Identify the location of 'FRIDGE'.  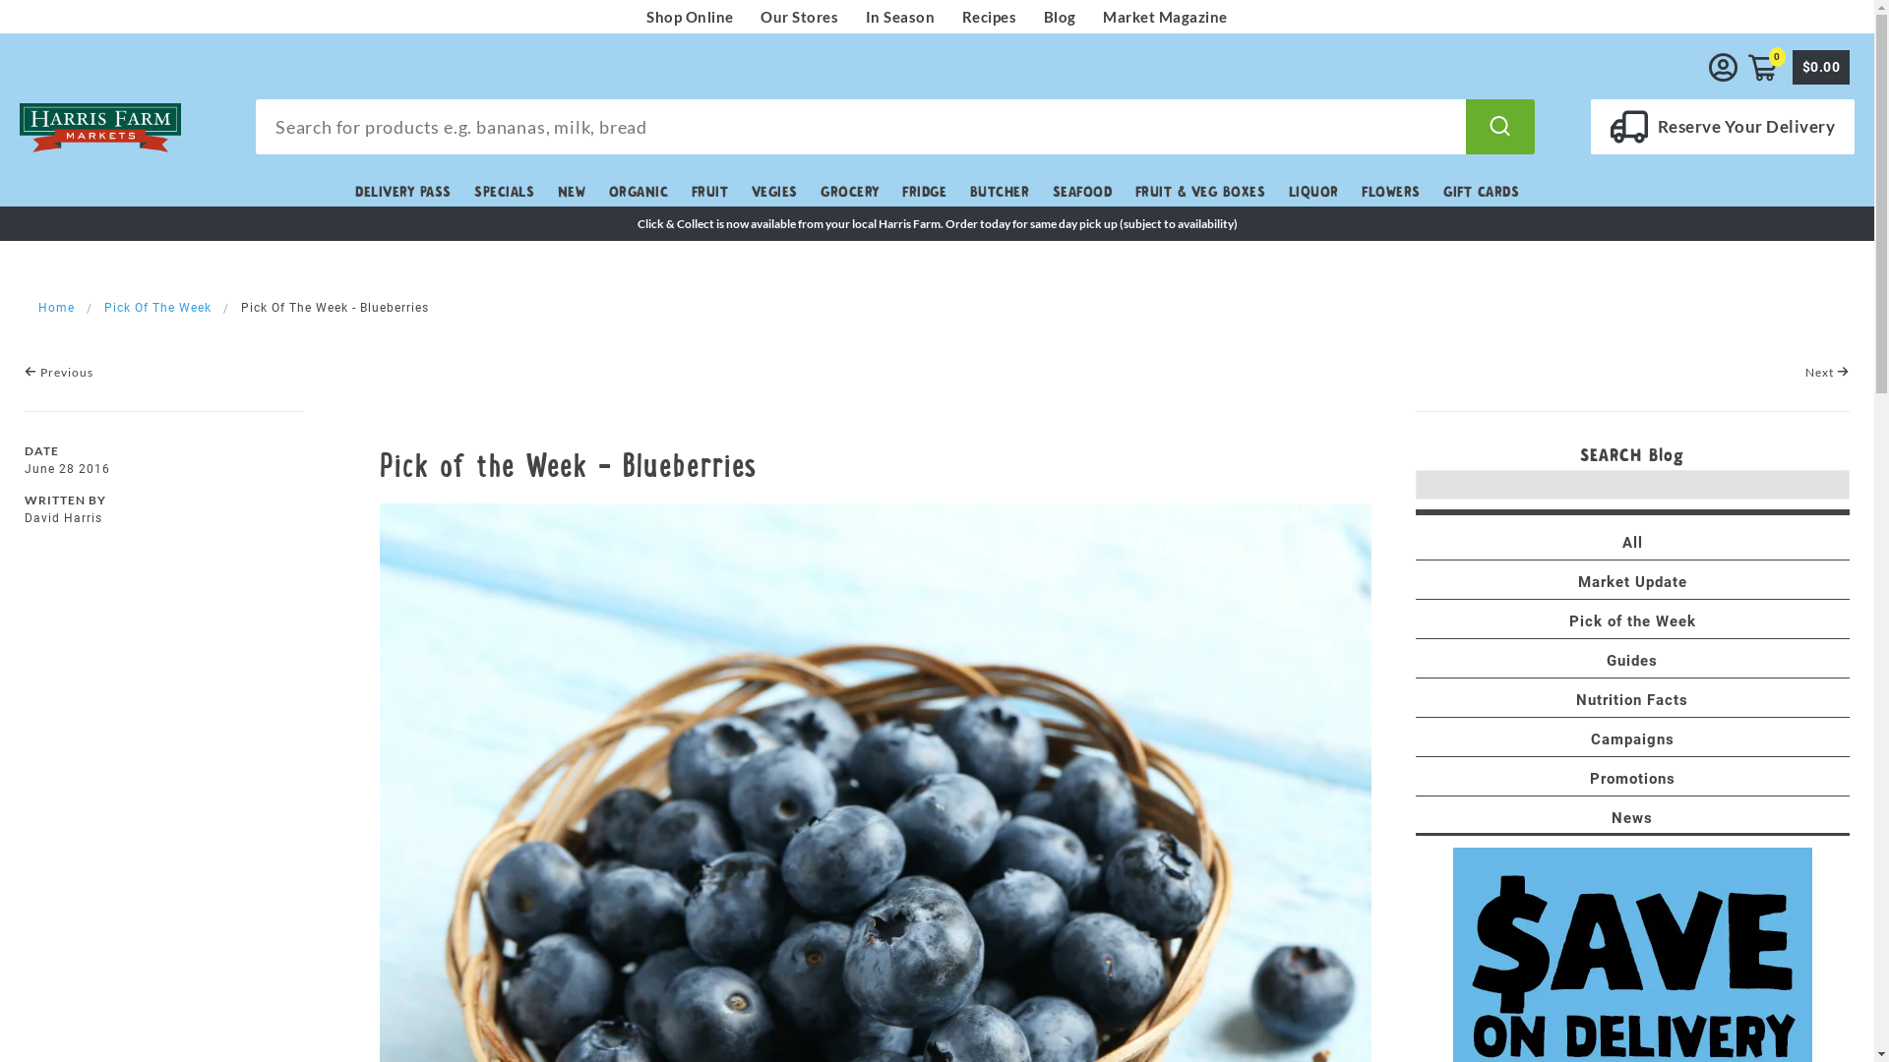
(923, 192).